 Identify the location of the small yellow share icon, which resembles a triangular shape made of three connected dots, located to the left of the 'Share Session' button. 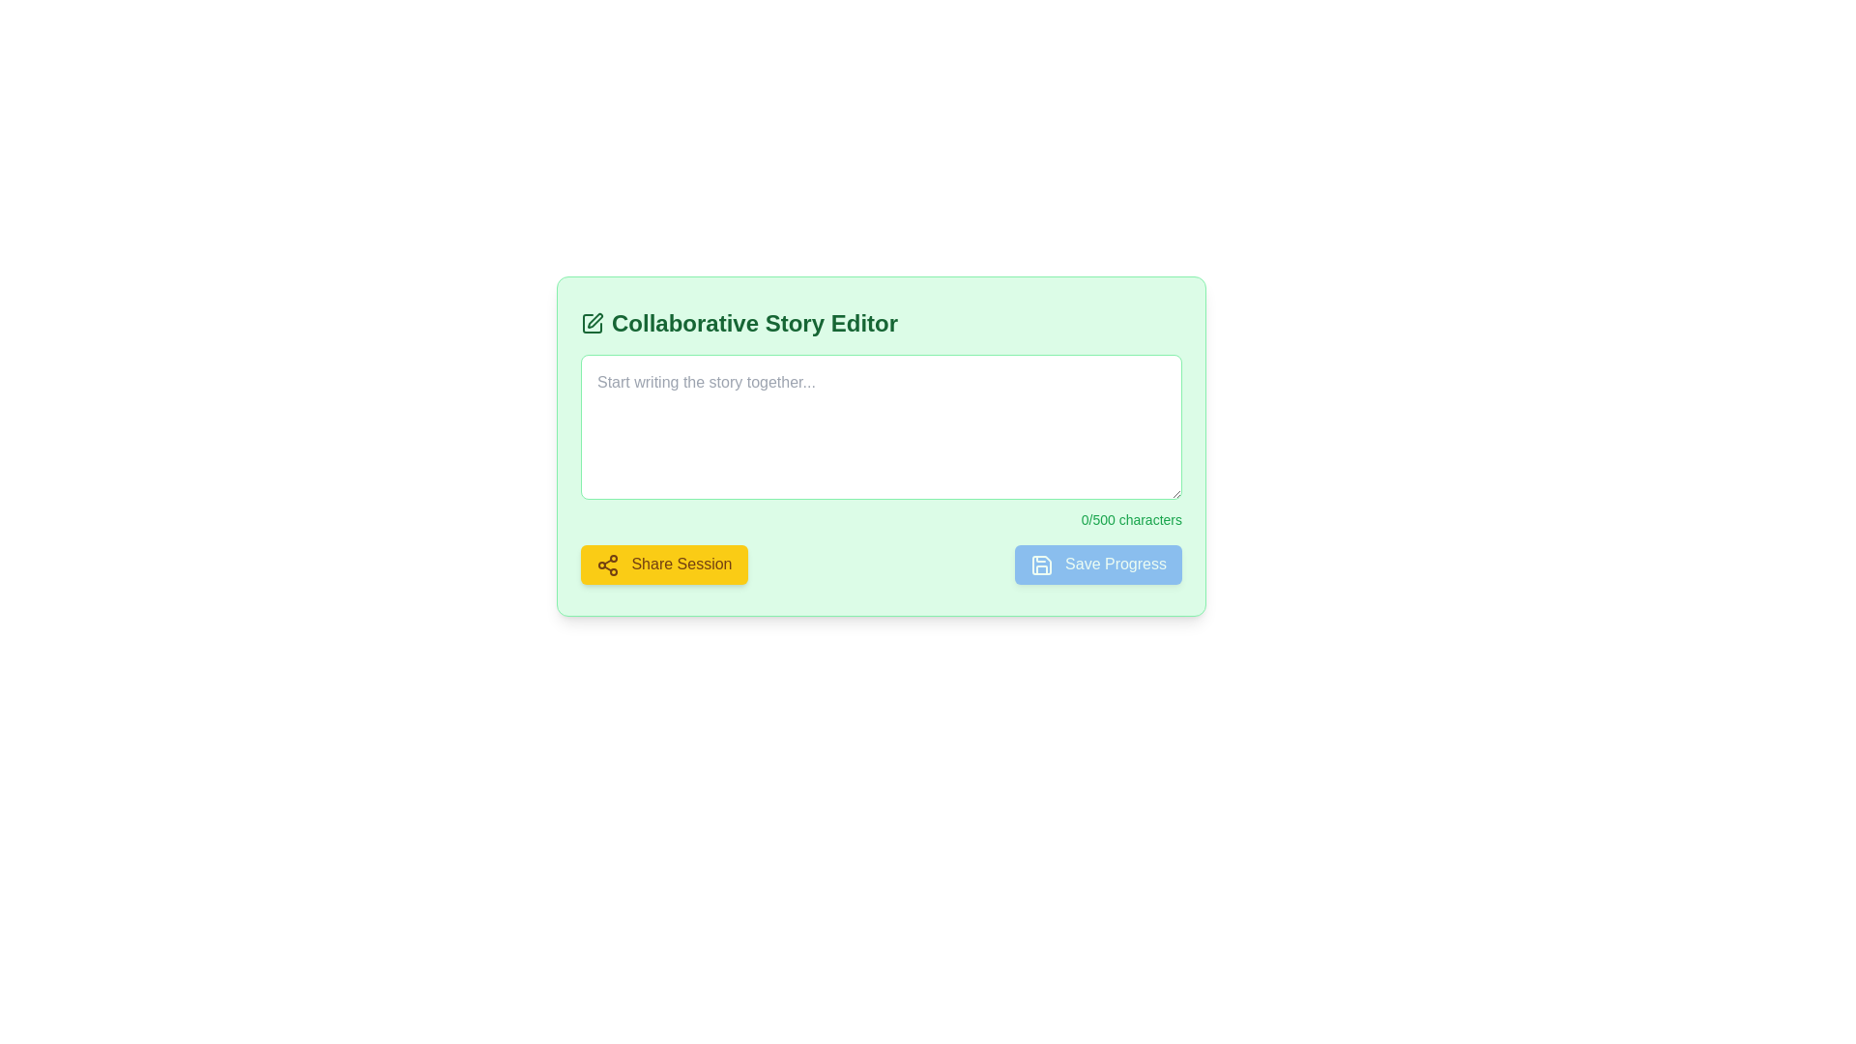
(606, 564).